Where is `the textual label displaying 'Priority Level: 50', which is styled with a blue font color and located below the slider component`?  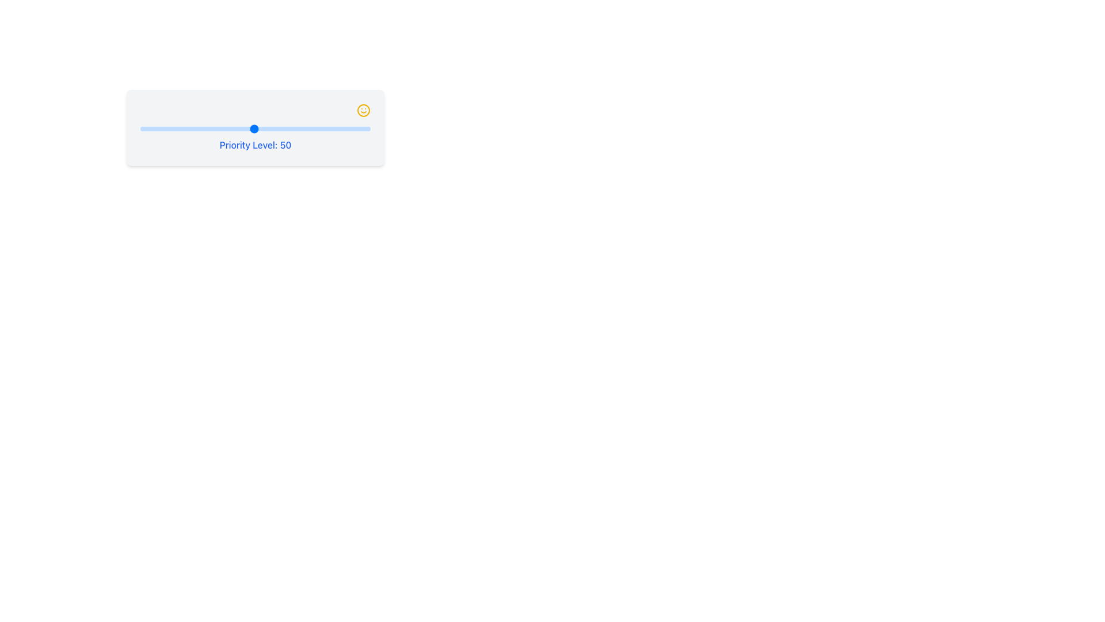 the textual label displaying 'Priority Level: 50', which is styled with a blue font color and located below the slider component is located at coordinates (254, 144).